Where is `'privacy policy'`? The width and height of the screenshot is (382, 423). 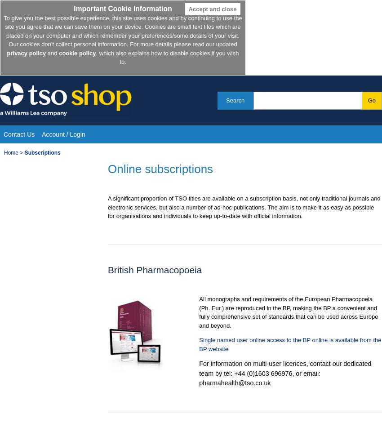 'privacy policy' is located at coordinates (6, 53).